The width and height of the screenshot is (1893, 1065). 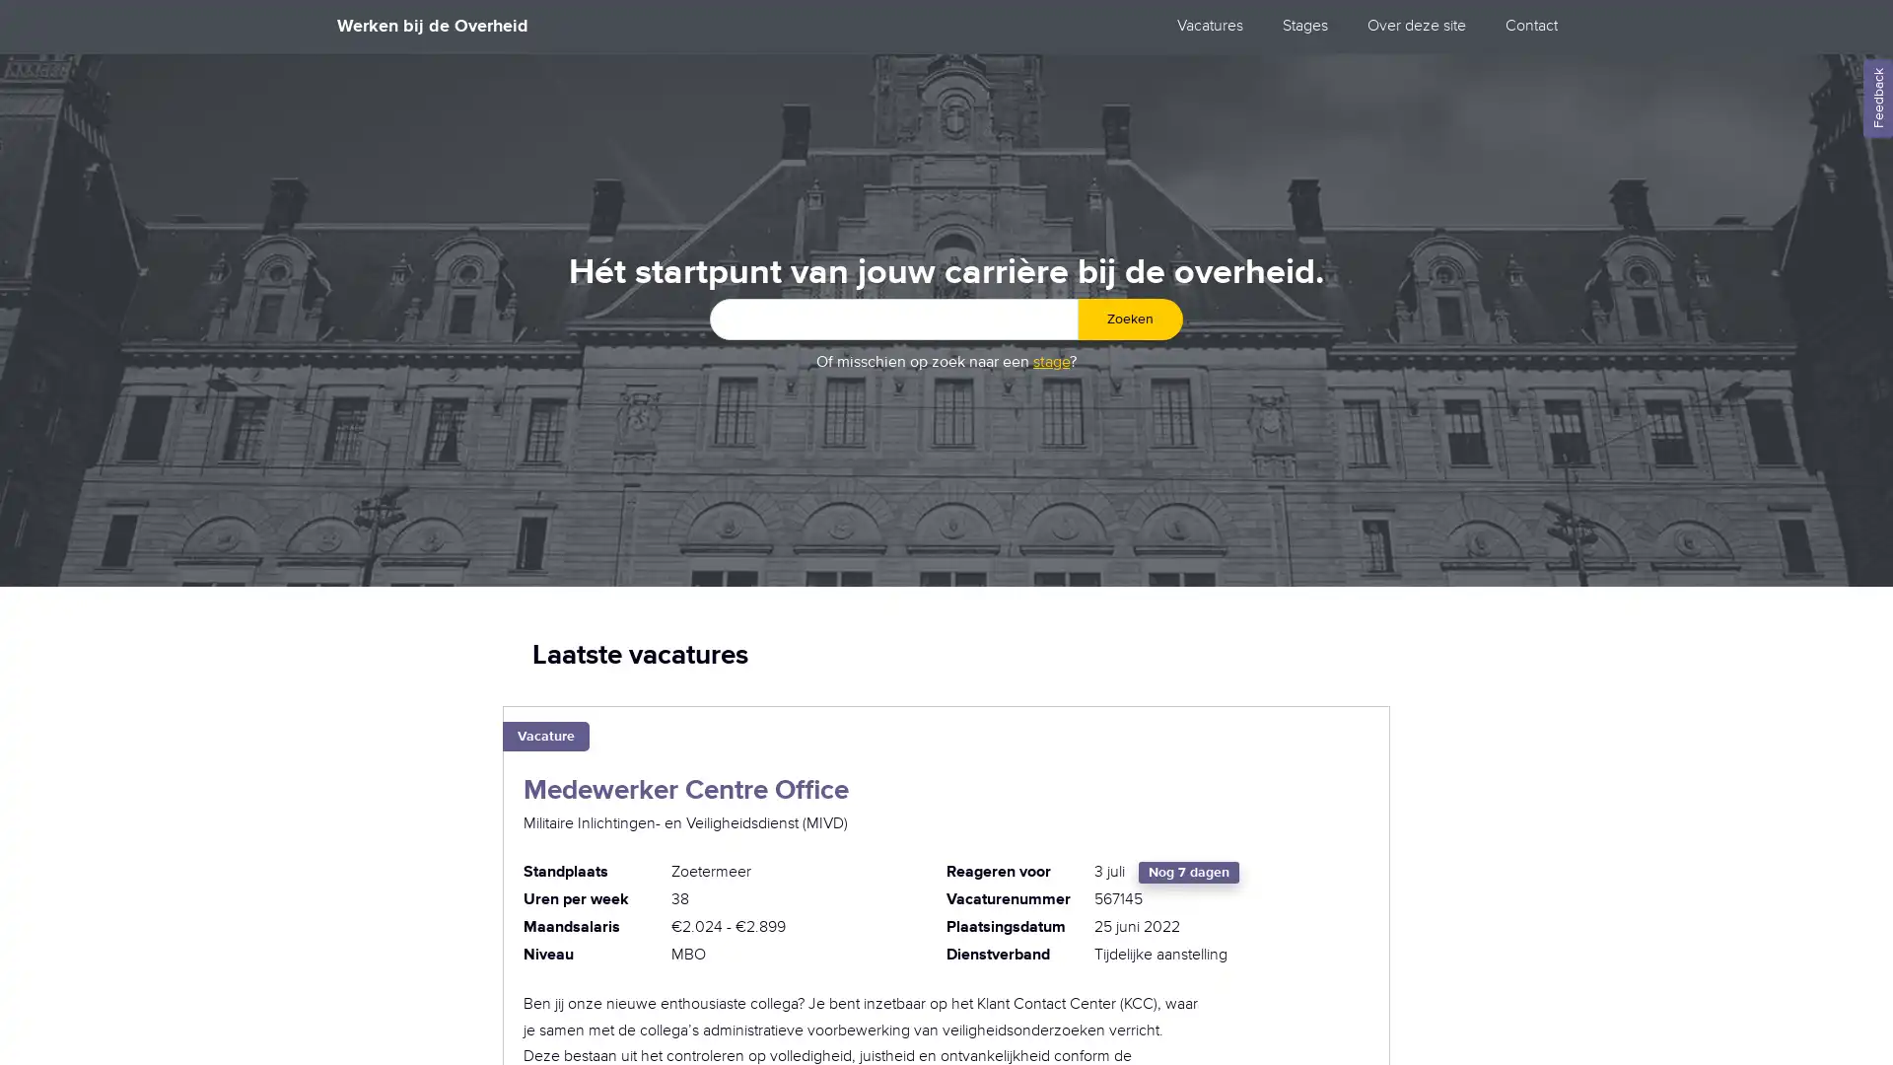 What do you see at coordinates (1130, 318) in the screenshot?
I see `Zoeken` at bounding box center [1130, 318].